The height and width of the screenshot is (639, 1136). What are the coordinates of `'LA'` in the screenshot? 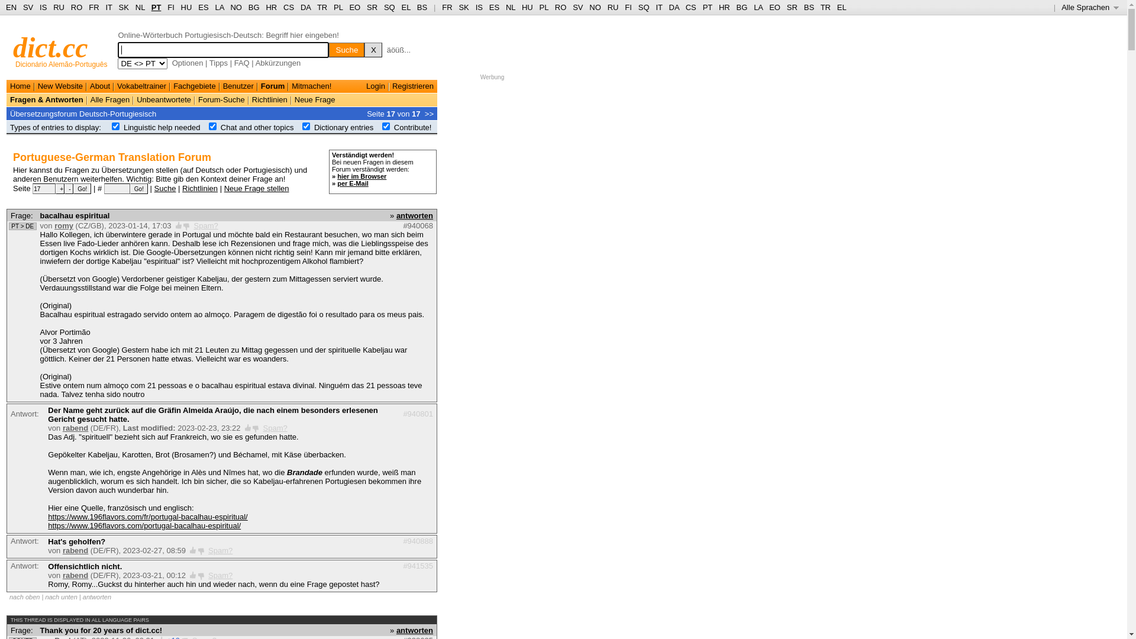 It's located at (758, 7).